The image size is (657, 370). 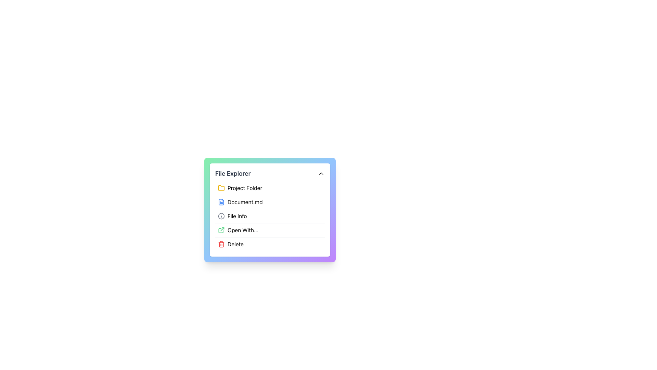 I want to click on the delete icon element, which visually represents the delete action in the dropdown menu, so click(x=221, y=244).